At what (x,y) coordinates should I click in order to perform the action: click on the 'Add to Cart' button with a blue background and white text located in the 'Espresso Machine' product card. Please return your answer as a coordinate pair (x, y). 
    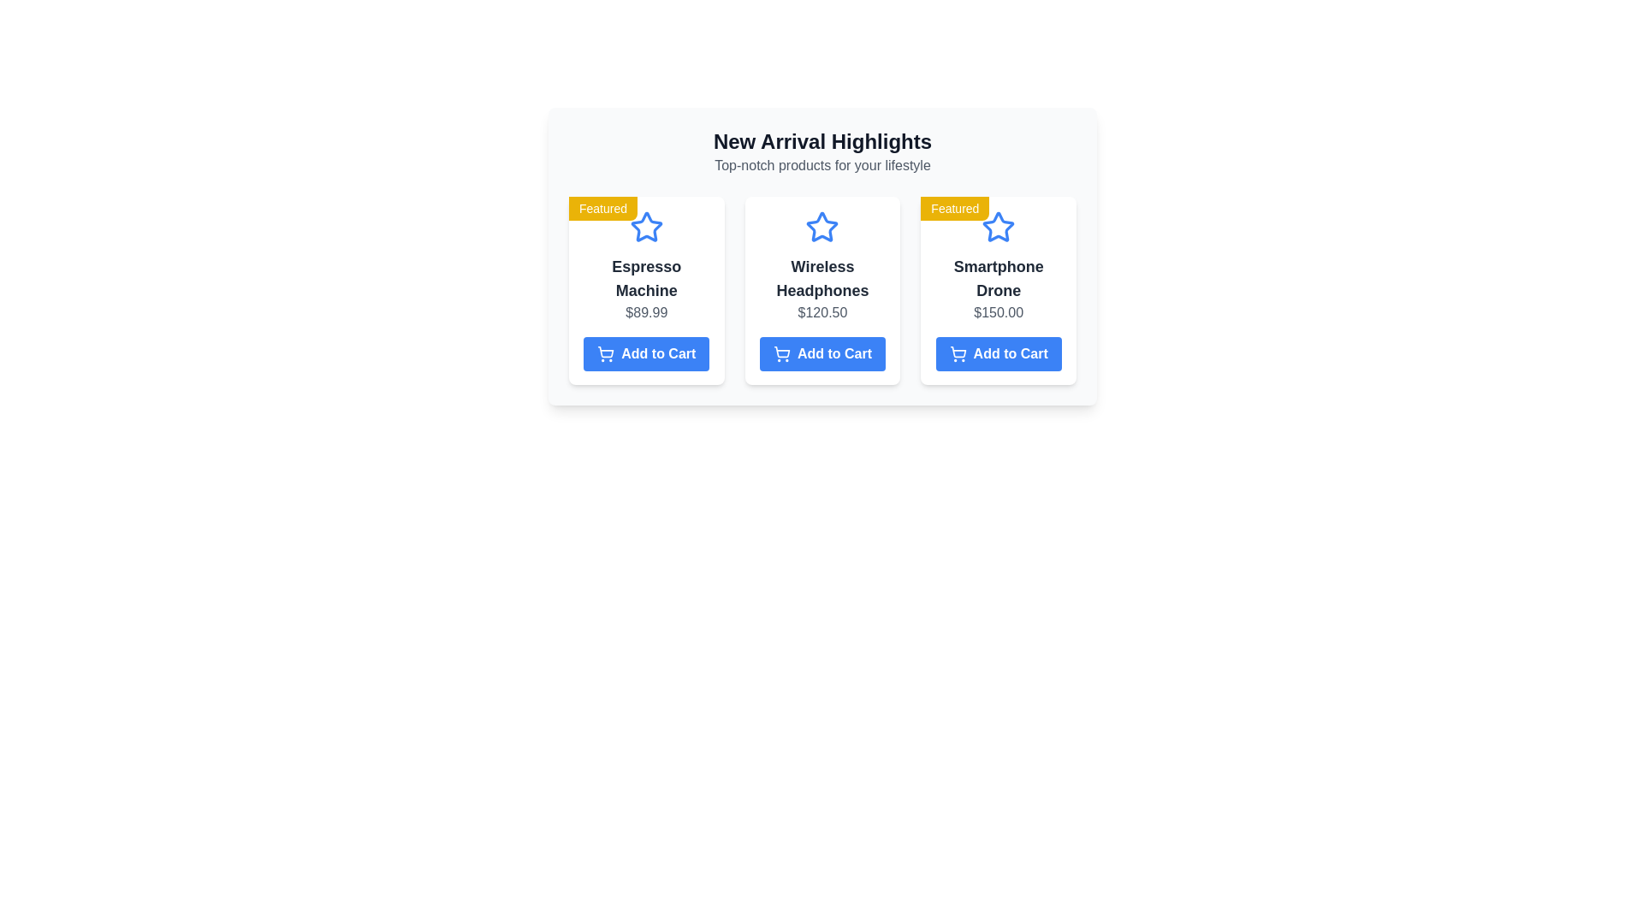
    Looking at the image, I should click on (645, 352).